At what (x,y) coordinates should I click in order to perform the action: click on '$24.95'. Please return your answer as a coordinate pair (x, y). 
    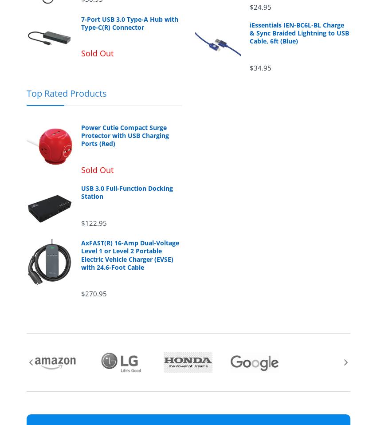
    Looking at the image, I should click on (260, 6).